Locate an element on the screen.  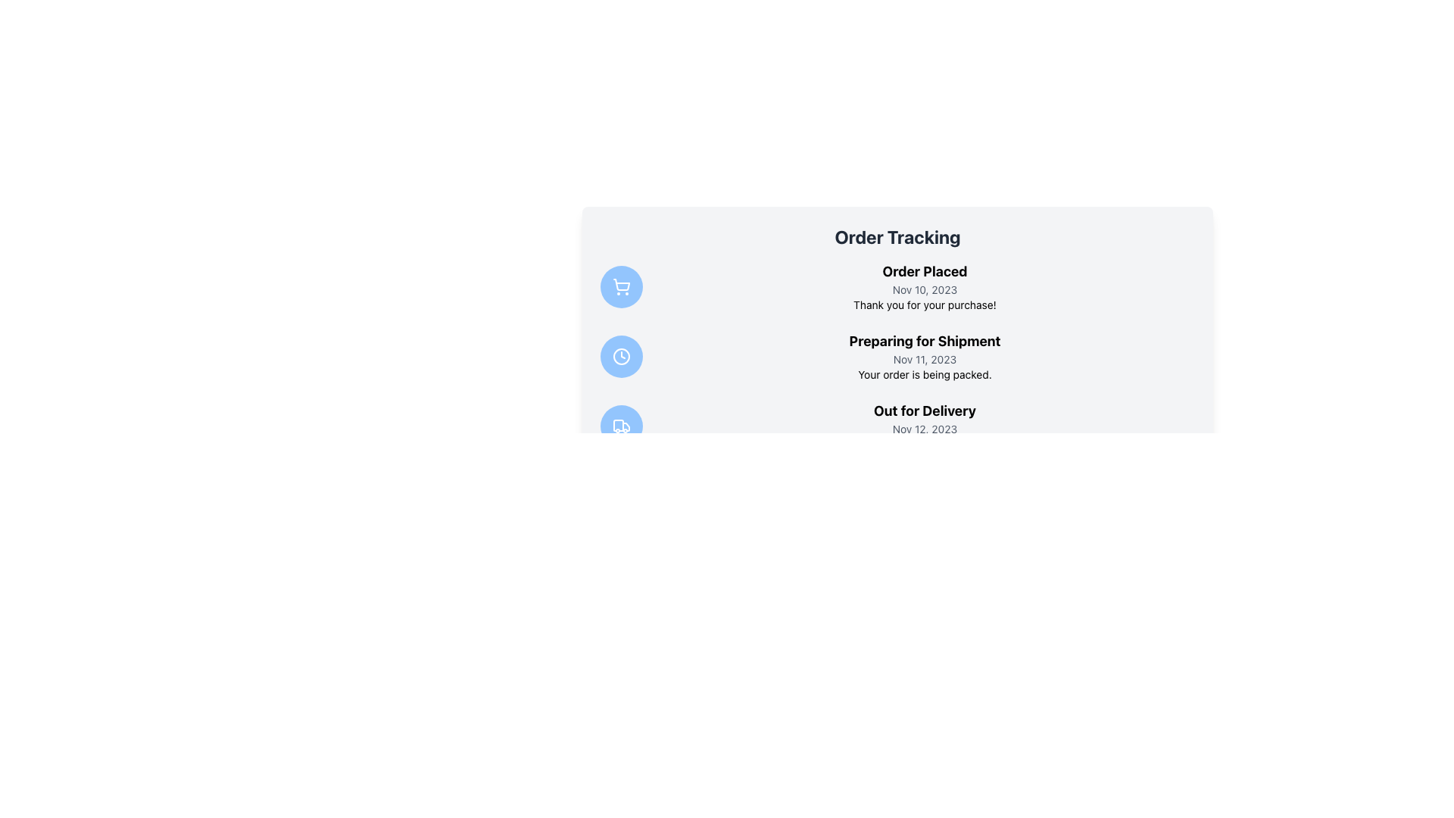
the informational block indicating the order is being prepared for shipment, which is the second entry in the vertical timeline under the 'Order Tracking' header is located at coordinates (897, 356).